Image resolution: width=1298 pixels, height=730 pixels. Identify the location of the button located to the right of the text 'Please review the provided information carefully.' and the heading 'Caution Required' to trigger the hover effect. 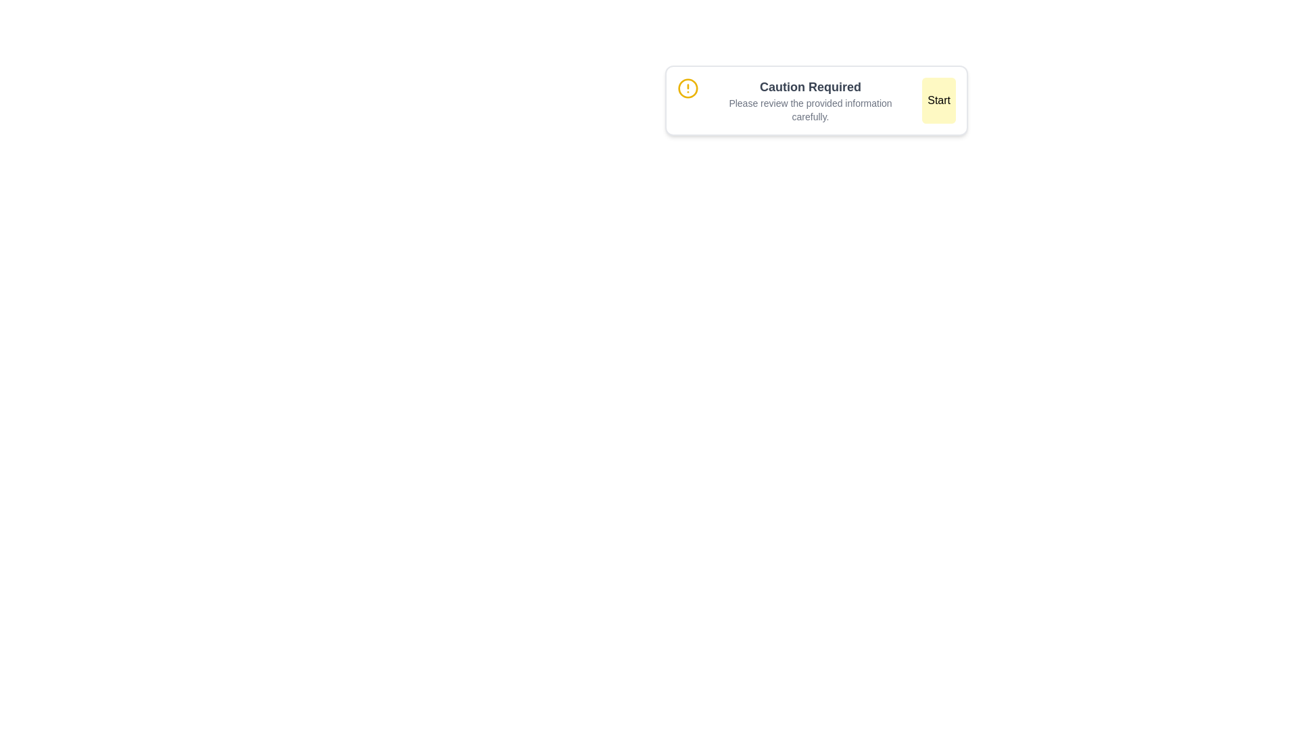
(938, 100).